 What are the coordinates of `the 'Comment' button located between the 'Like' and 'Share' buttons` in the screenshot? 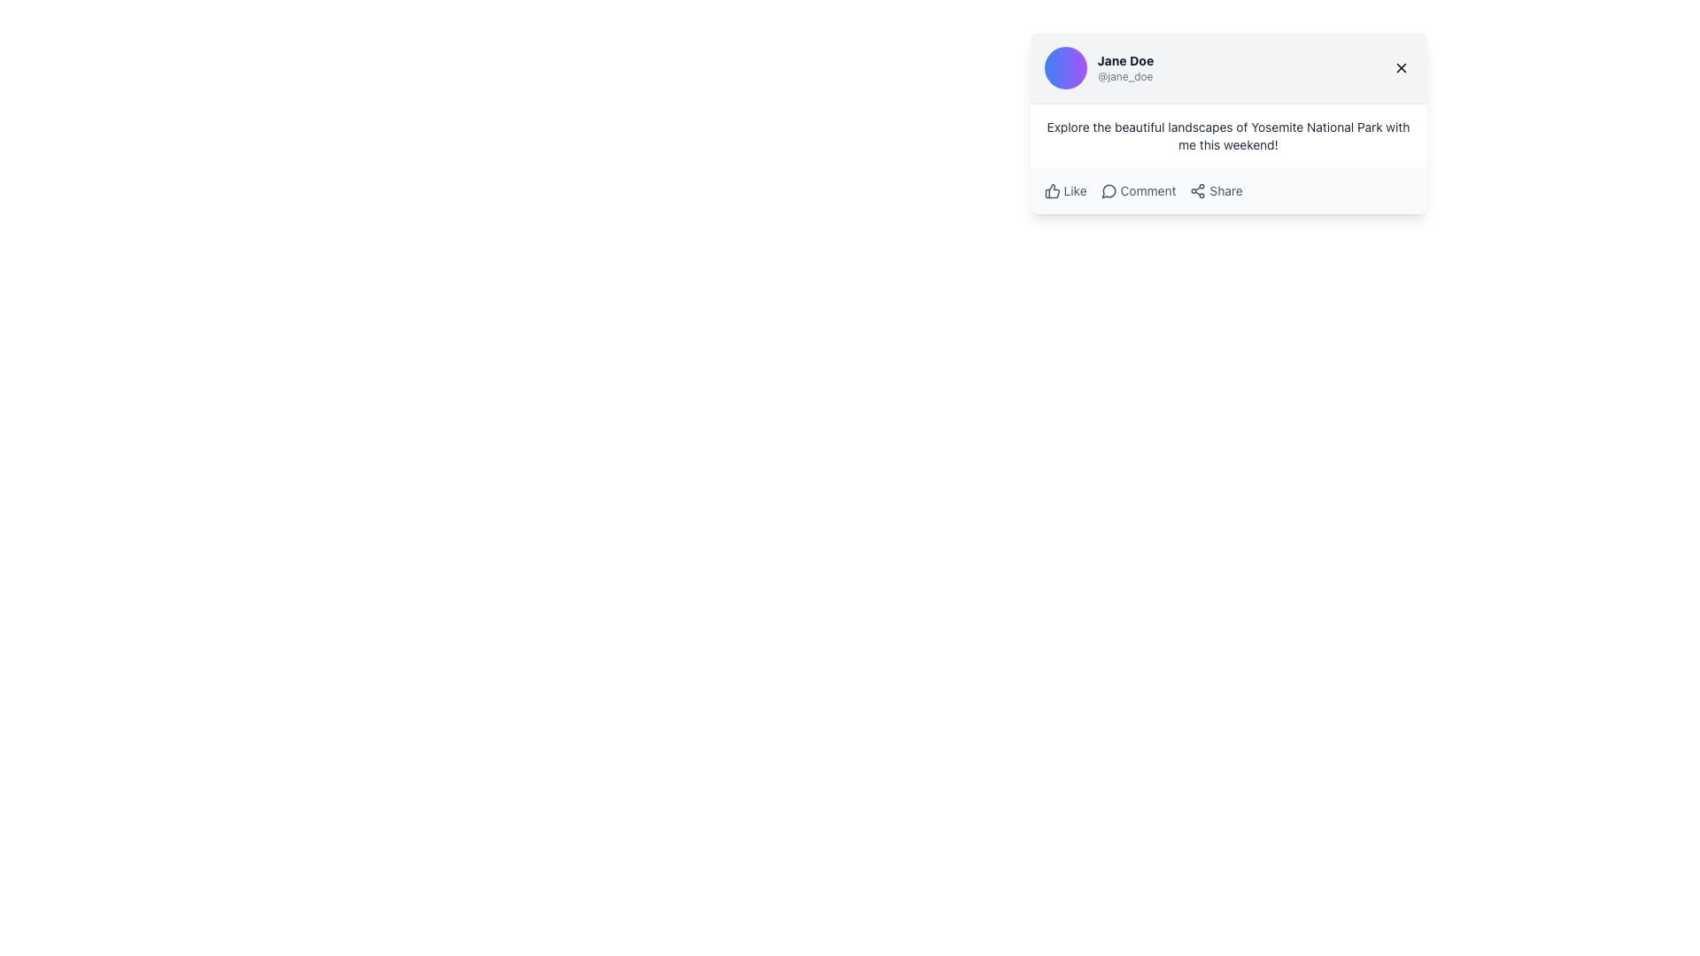 It's located at (1139, 191).